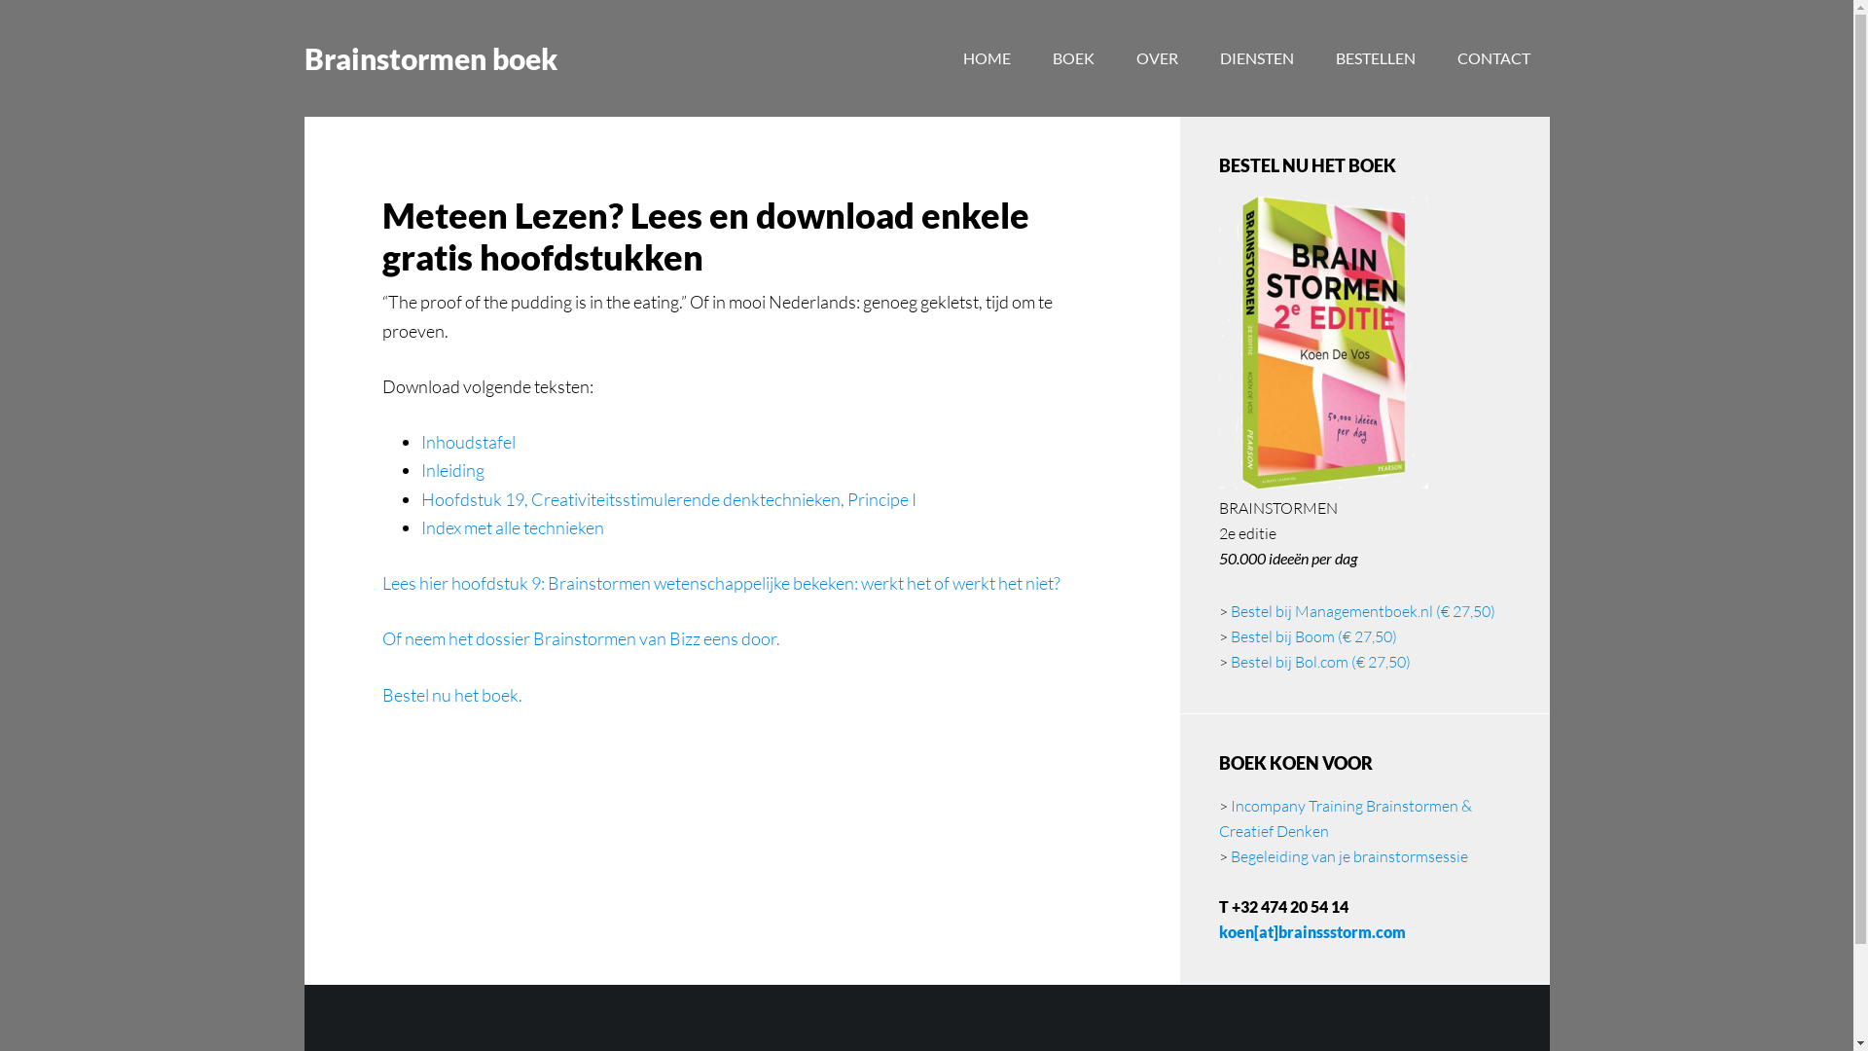 The image size is (1868, 1051). Describe the element at coordinates (467, 442) in the screenshot. I see `'Inhoudstafel'` at that location.